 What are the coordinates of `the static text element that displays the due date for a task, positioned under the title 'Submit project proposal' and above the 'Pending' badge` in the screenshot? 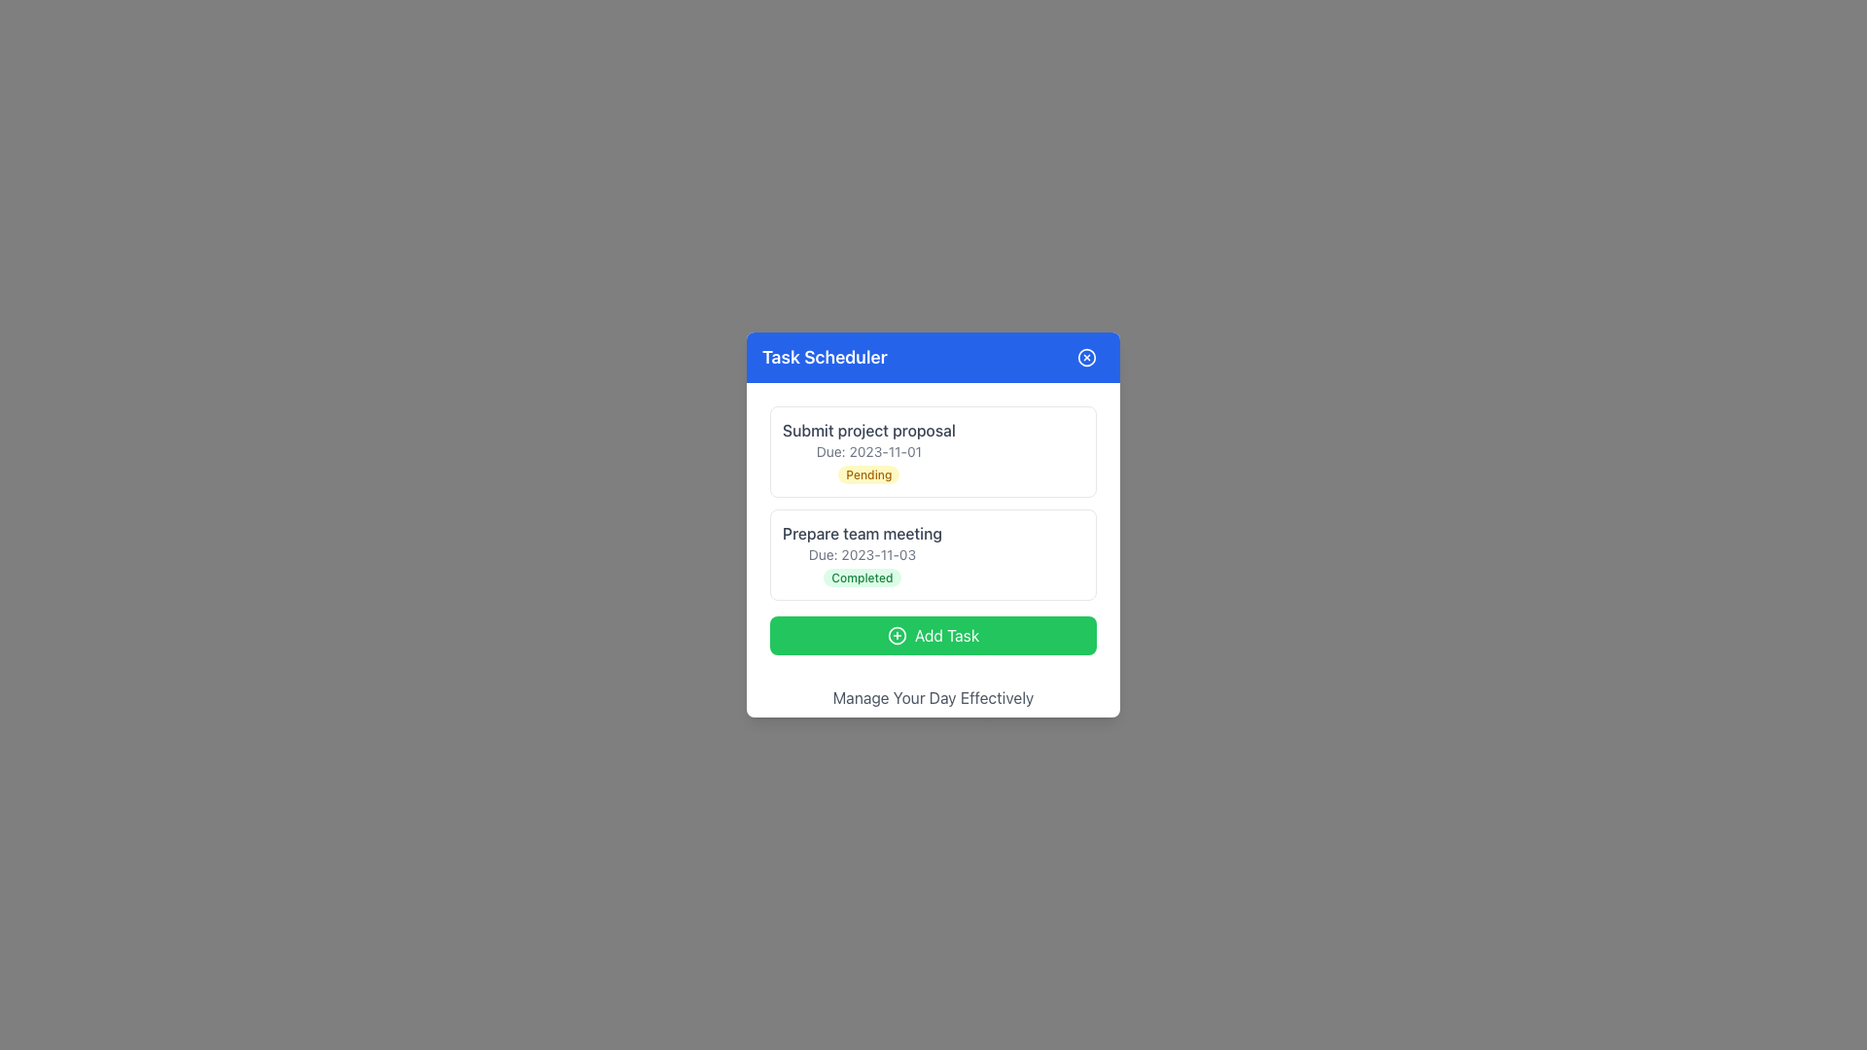 It's located at (867, 452).